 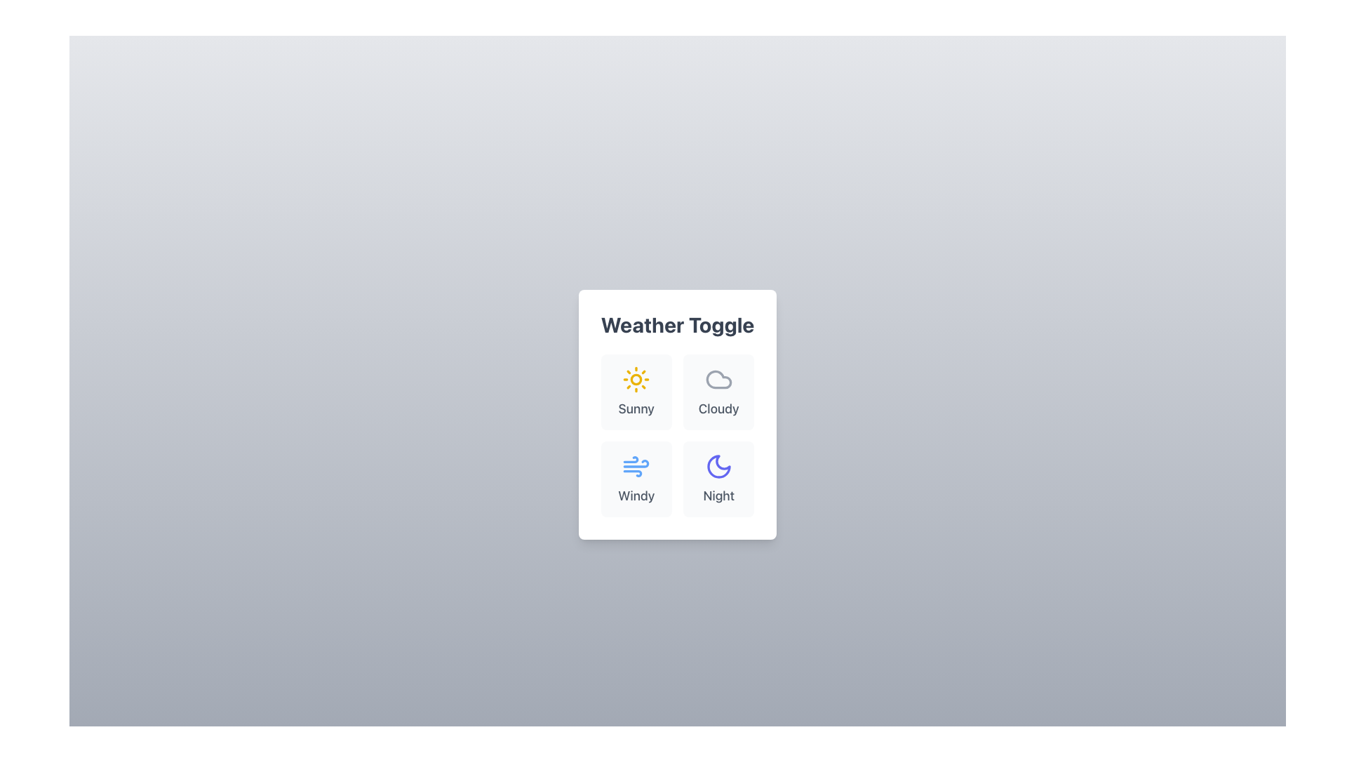 I want to click on the Text Label that describes the weather condition, located below the sun icon and to the left of the 'Cloudy' label in the top-left corner of the 2x2 grid layout, so click(x=636, y=408).